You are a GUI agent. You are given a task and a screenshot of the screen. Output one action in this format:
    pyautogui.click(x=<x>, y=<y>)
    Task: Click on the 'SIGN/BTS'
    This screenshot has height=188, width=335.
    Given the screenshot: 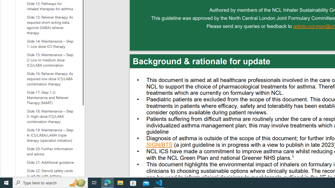 What is the action you would take?
    pyautogui.click(x=159, y=145)
    